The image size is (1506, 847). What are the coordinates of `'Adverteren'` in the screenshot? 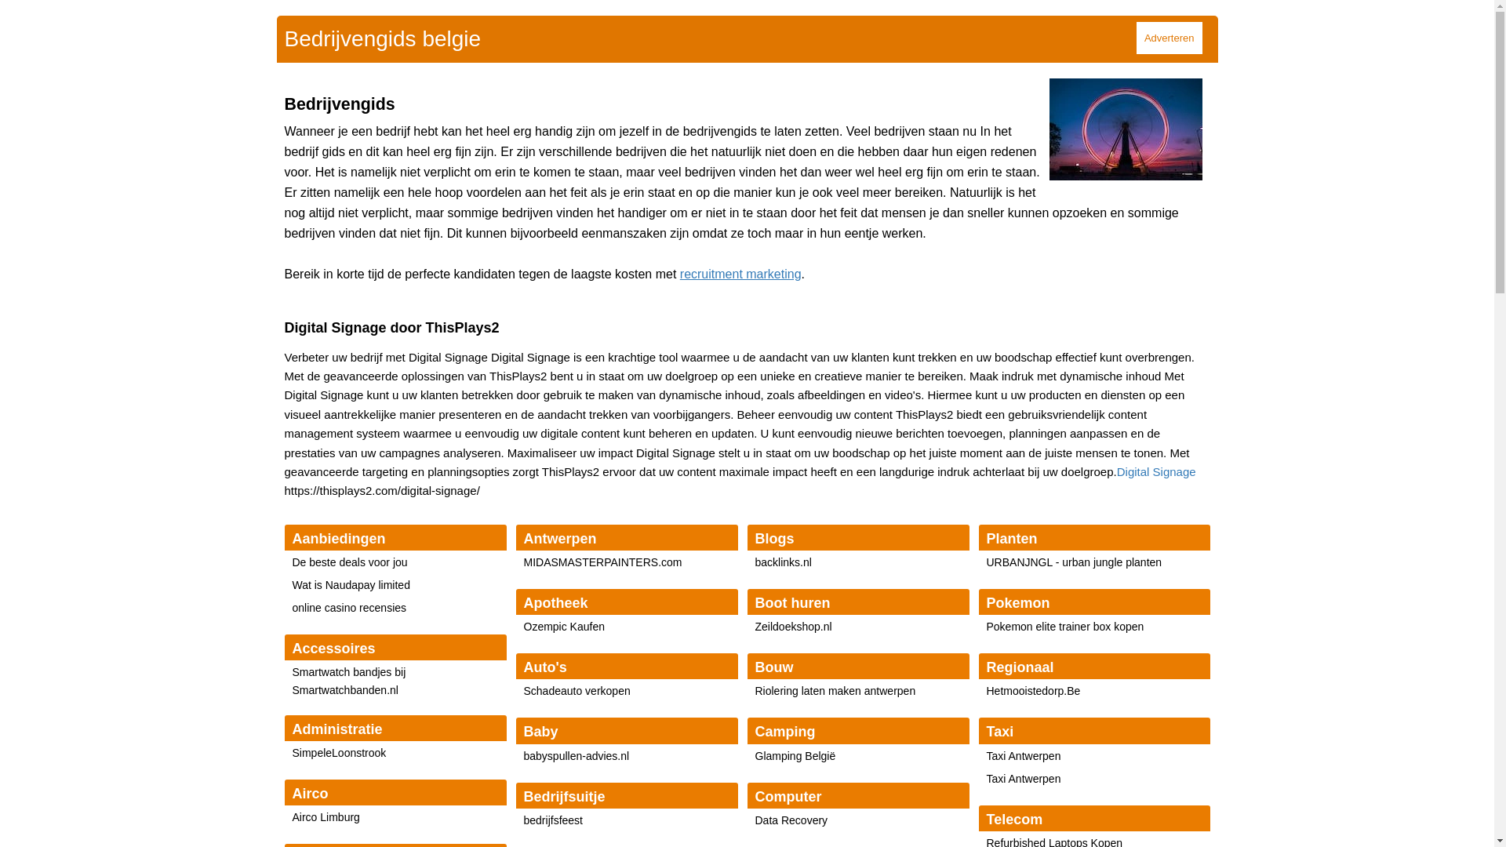 It's located at (1170, 37).